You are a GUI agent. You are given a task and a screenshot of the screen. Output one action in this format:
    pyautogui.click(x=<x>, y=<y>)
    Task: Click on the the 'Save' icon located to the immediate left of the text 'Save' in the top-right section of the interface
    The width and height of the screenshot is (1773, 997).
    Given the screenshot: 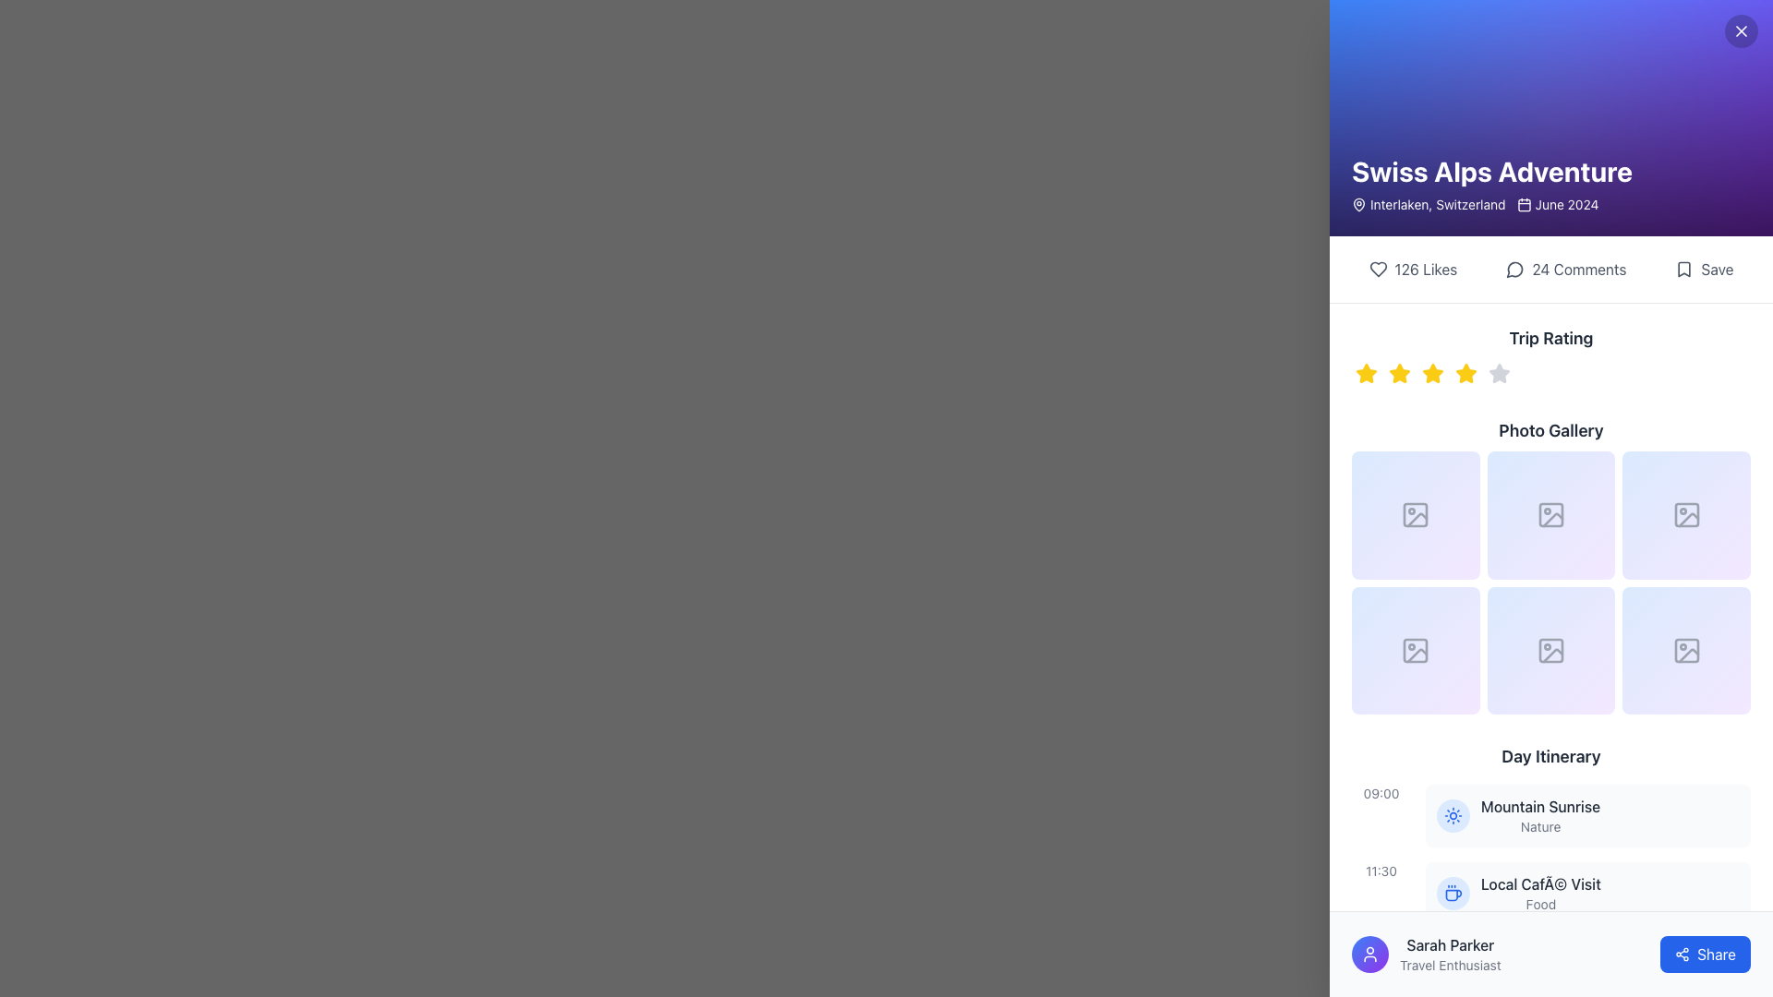 What is the action you would take?
    pyautogui.click(x=1684, y=270)
    